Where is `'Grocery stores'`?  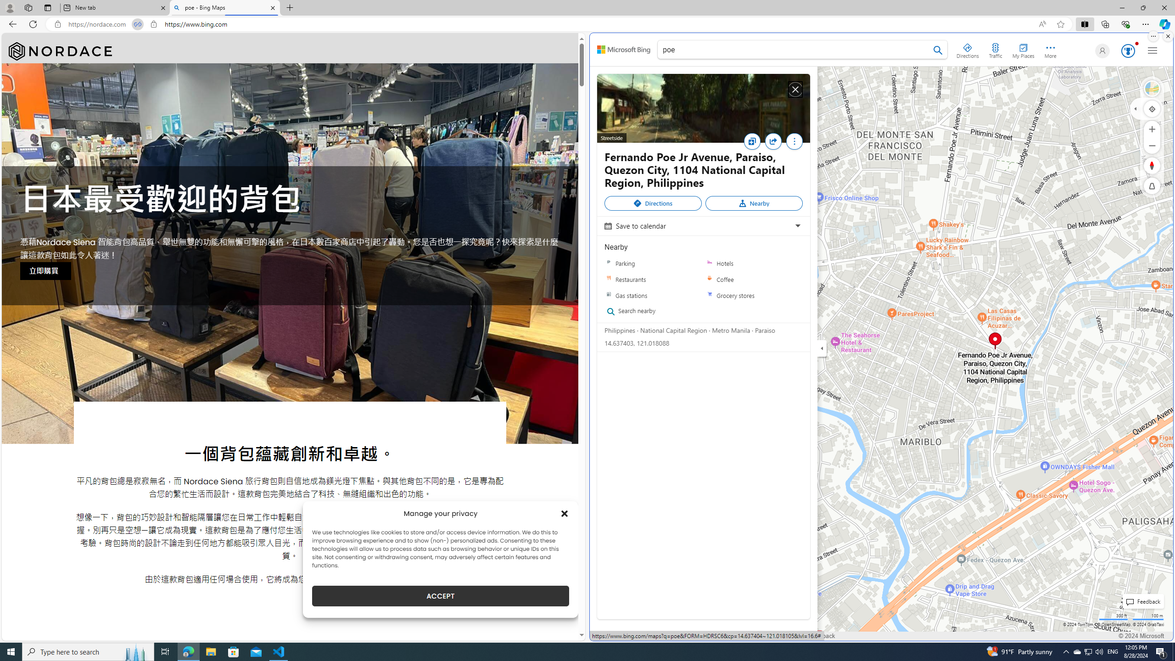
'Grocery stores' is located at coordinates (754, 295).